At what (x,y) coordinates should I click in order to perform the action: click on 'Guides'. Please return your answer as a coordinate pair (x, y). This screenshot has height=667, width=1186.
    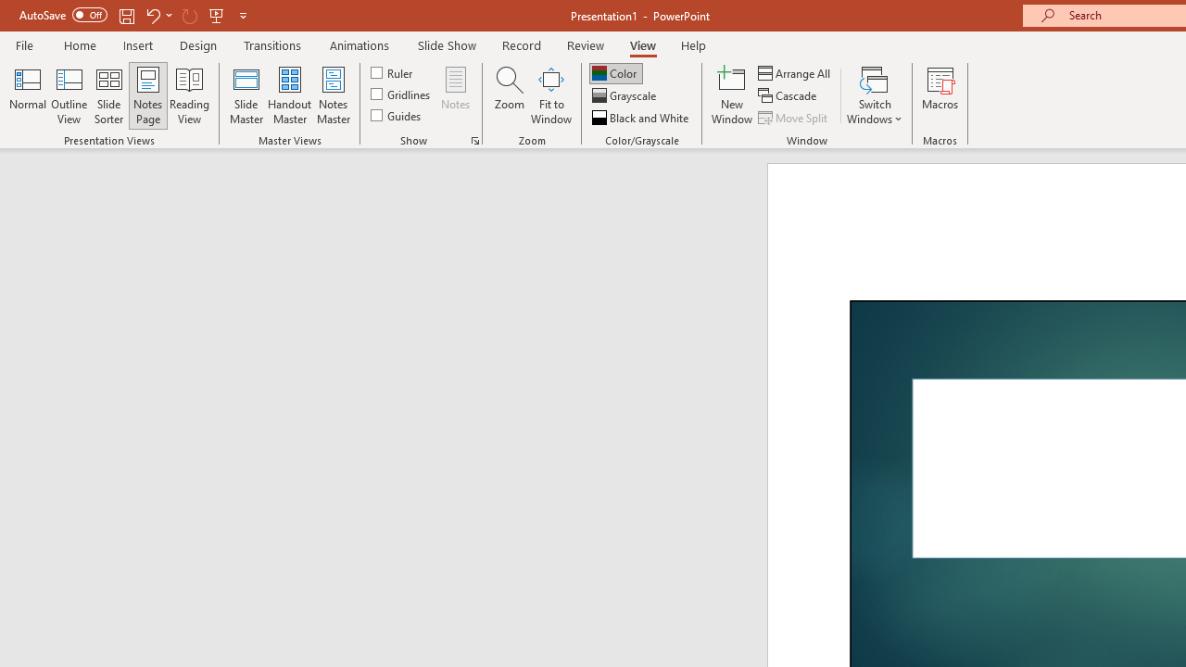
    Looking at the image, I should click on (396, 115).